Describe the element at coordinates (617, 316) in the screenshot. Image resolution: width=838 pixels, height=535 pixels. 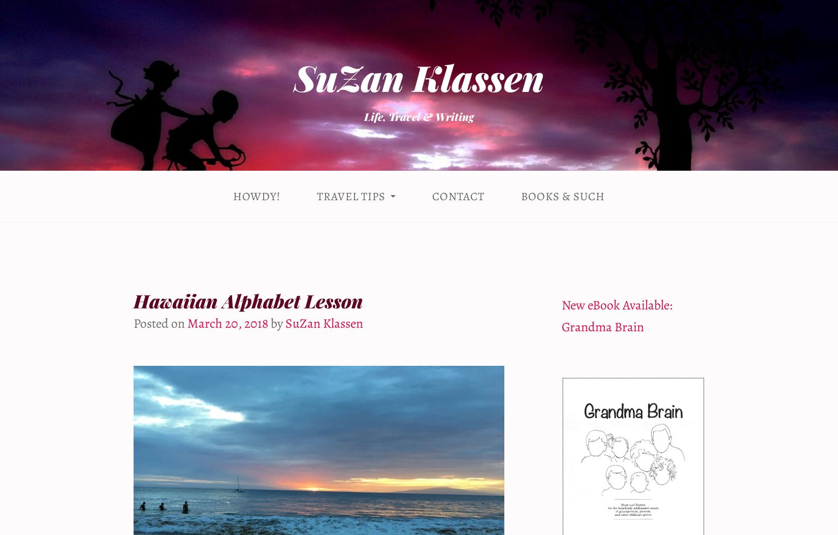
I see `'New eBook Available: Grandma Brain'` at that location.